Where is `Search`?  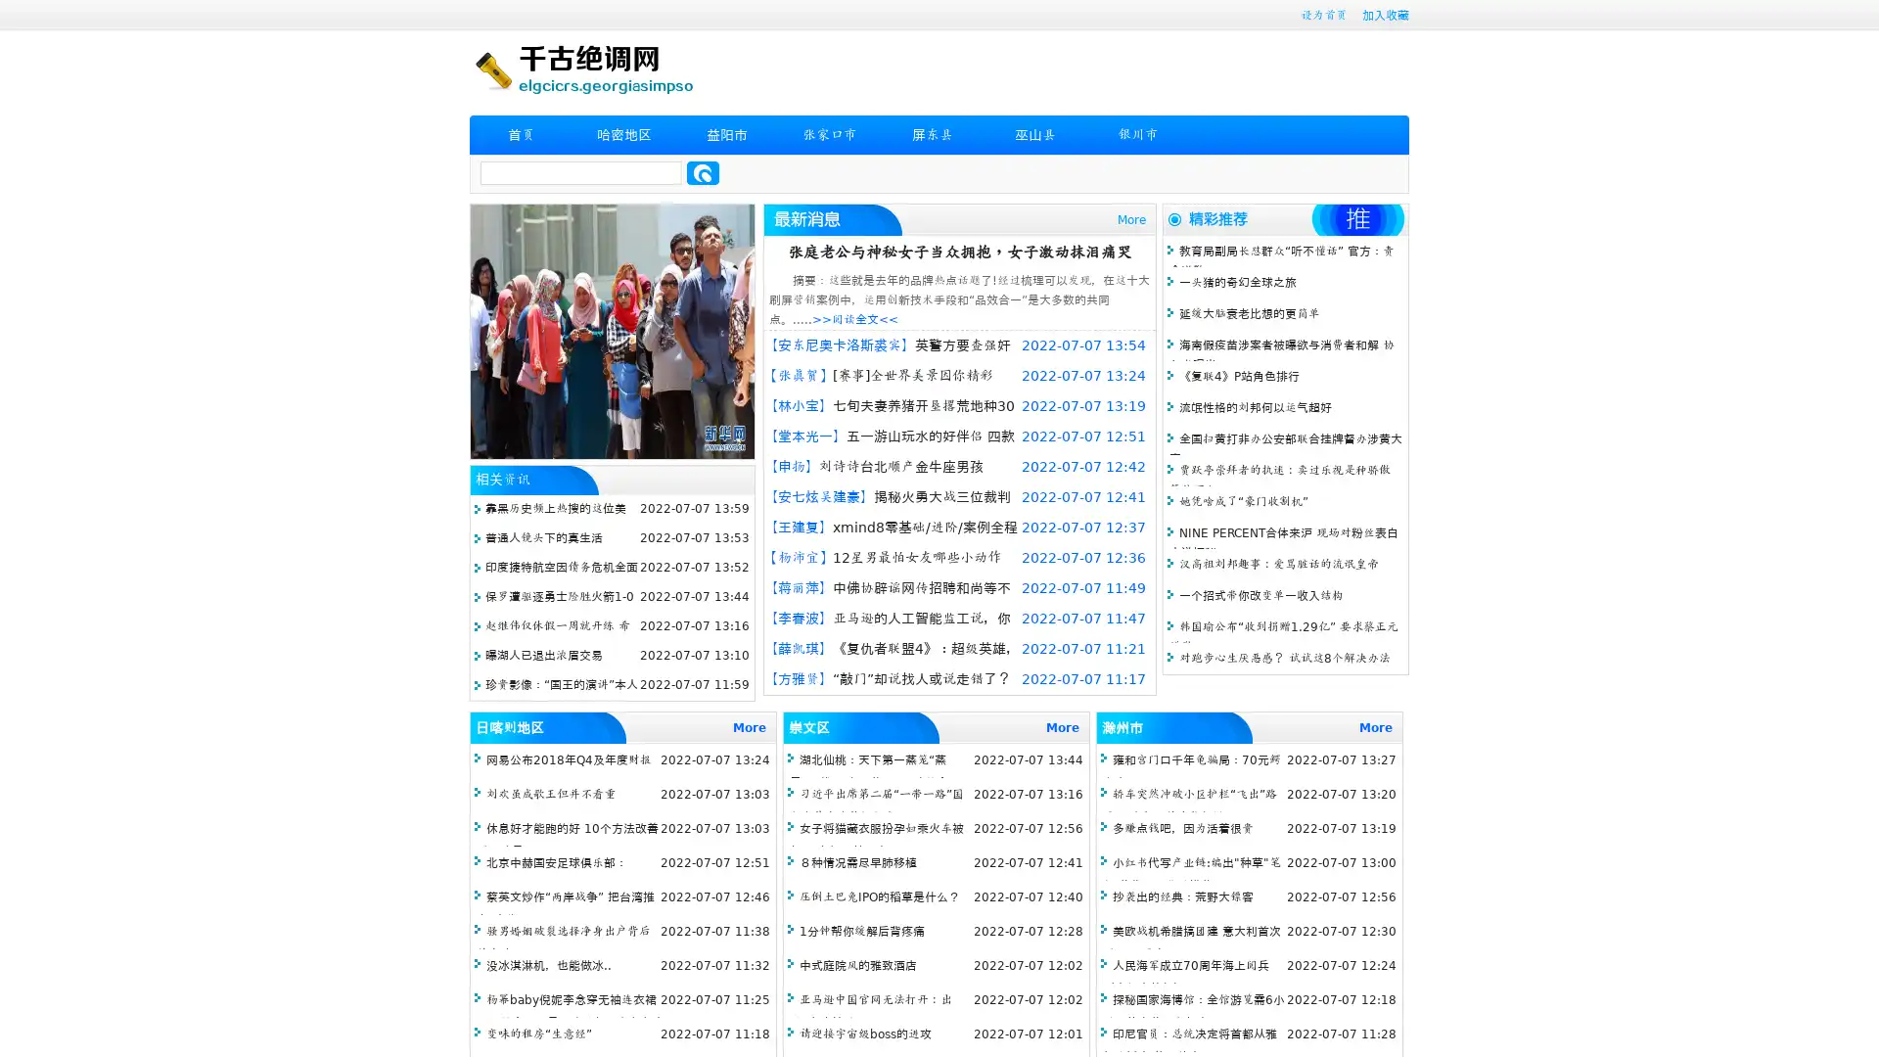
Search is located at coordinates (703, 172).